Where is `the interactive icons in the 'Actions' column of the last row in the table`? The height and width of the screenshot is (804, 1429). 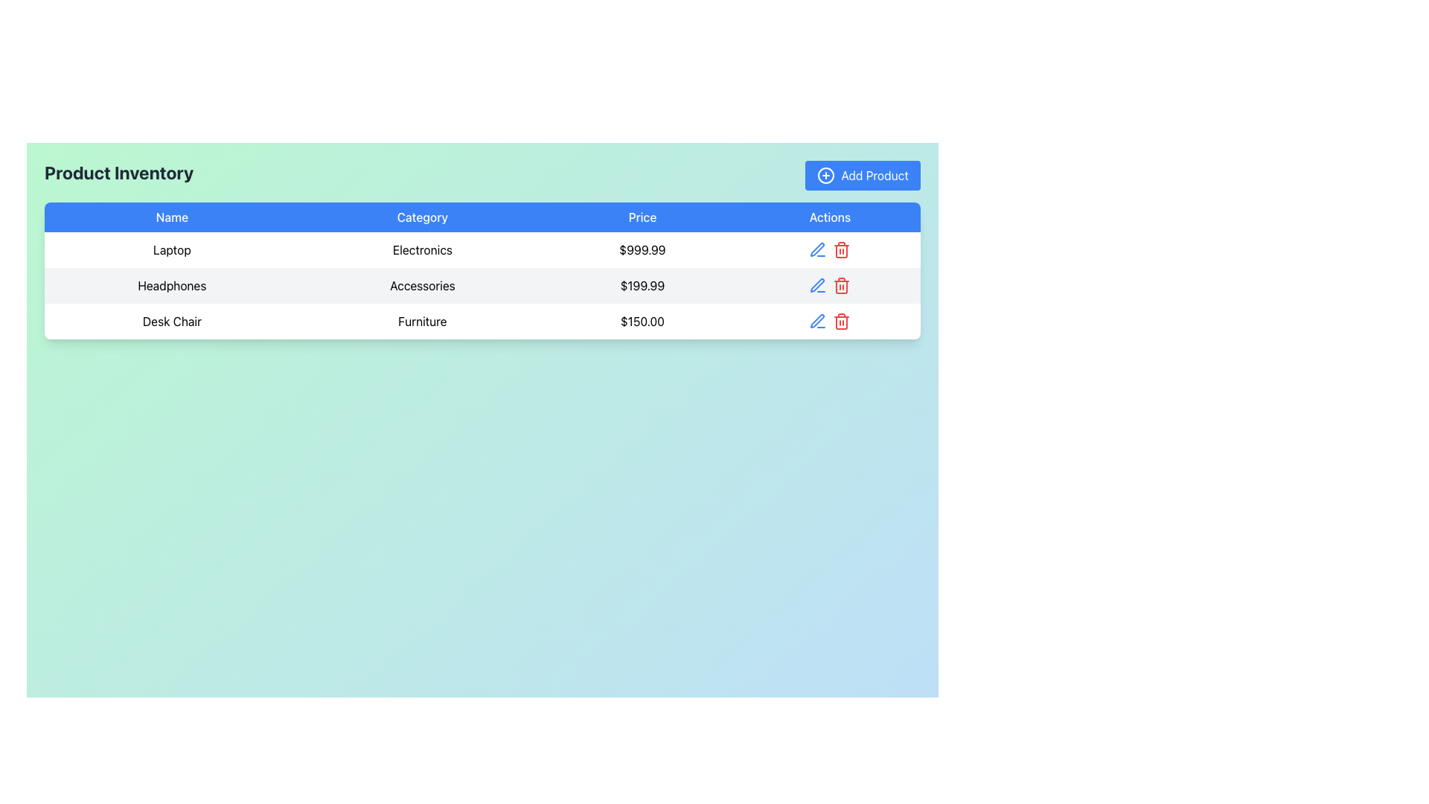
the interactive icons in the 'Actions' column of the last row in the table is located at coordinates (829, 321).